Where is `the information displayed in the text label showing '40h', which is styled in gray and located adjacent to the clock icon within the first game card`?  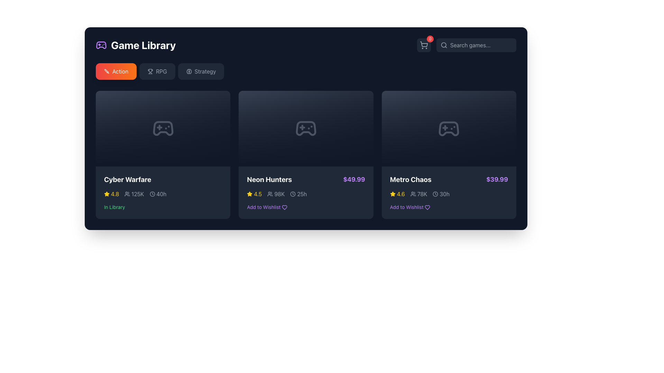
the information displayed in the text label showing '40h', which is styled in gray and located adjacent to the clock icon within the first game card is located at coordinates (161, 194).